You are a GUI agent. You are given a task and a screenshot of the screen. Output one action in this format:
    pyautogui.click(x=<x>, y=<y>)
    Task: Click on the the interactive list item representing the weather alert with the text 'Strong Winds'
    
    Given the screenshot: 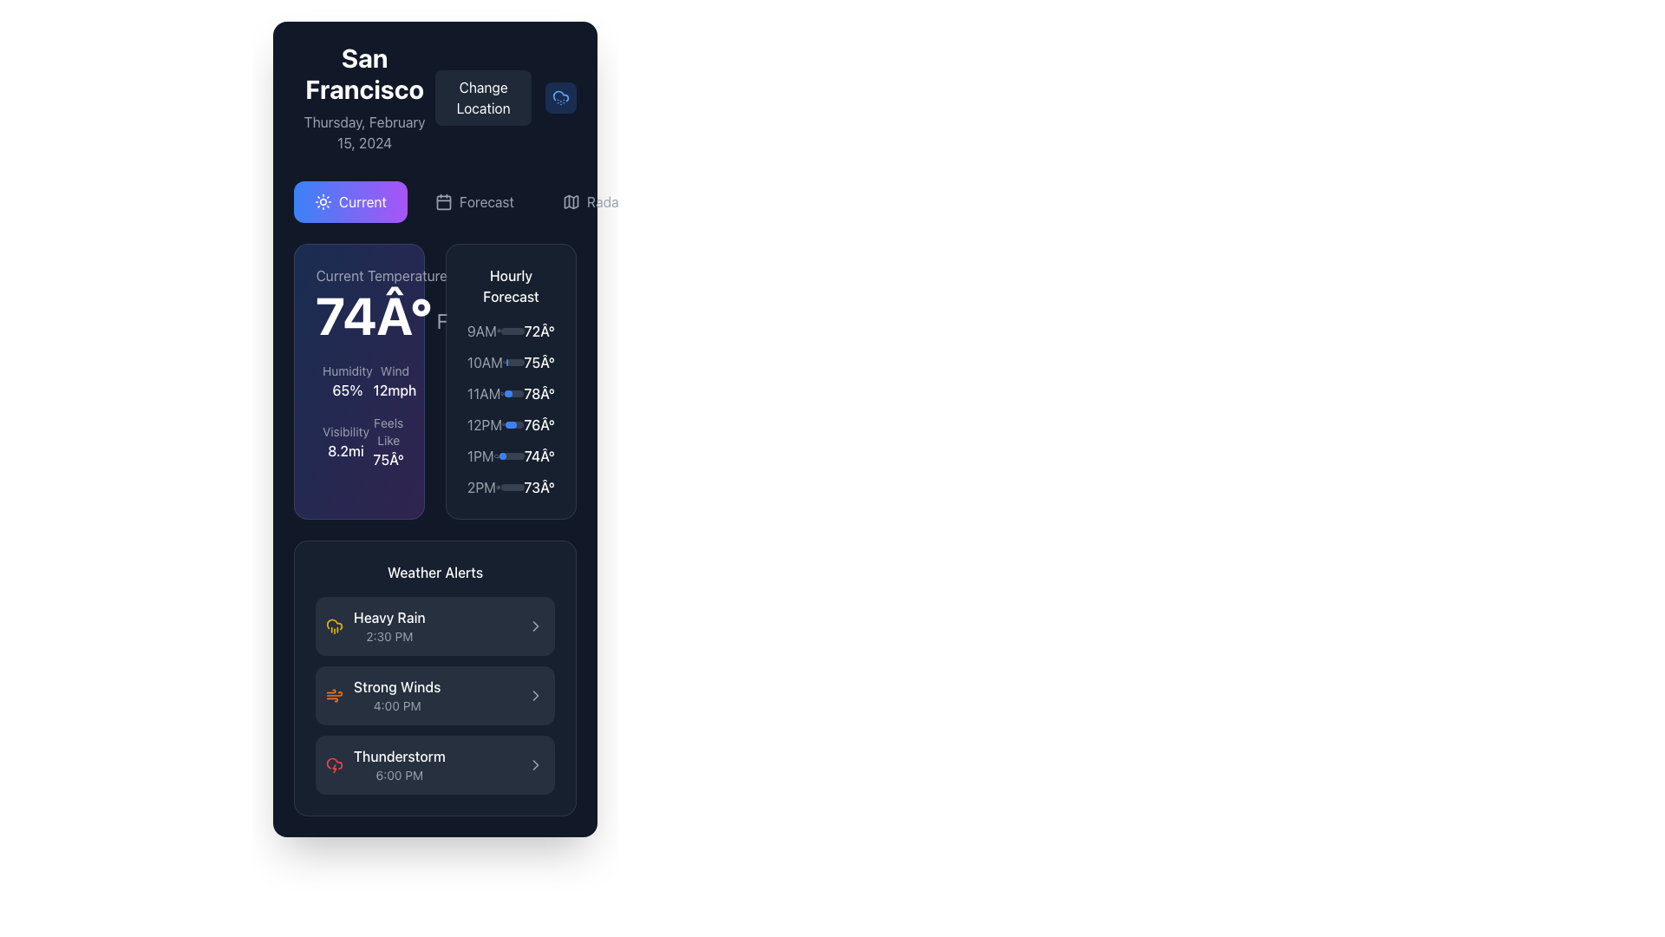 What is the action you would take?
    pyautogui.click(x=435, y=695)
    